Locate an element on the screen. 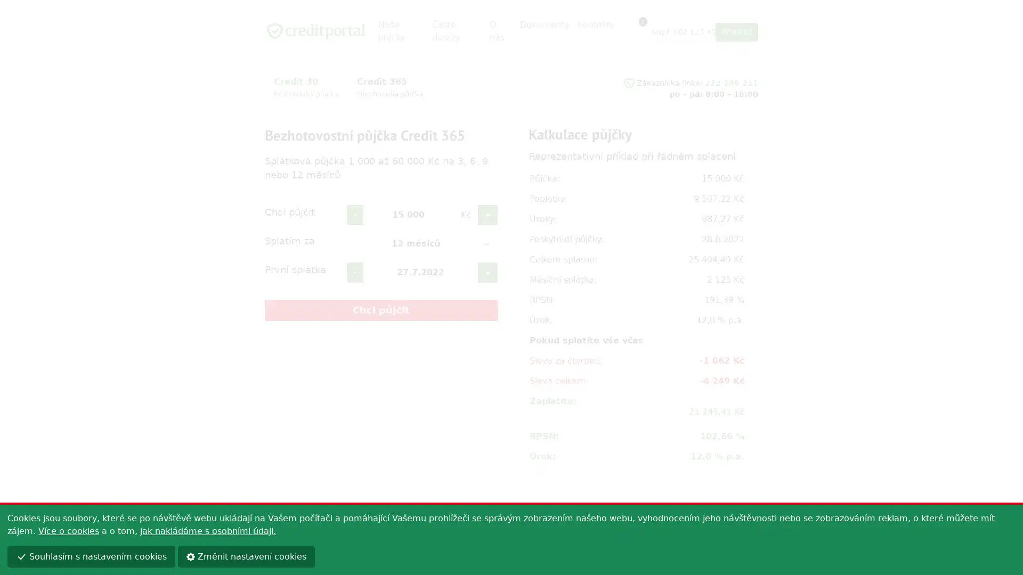 This screenshot has height=575, width=1023. - is located at coordinates (354, 271).